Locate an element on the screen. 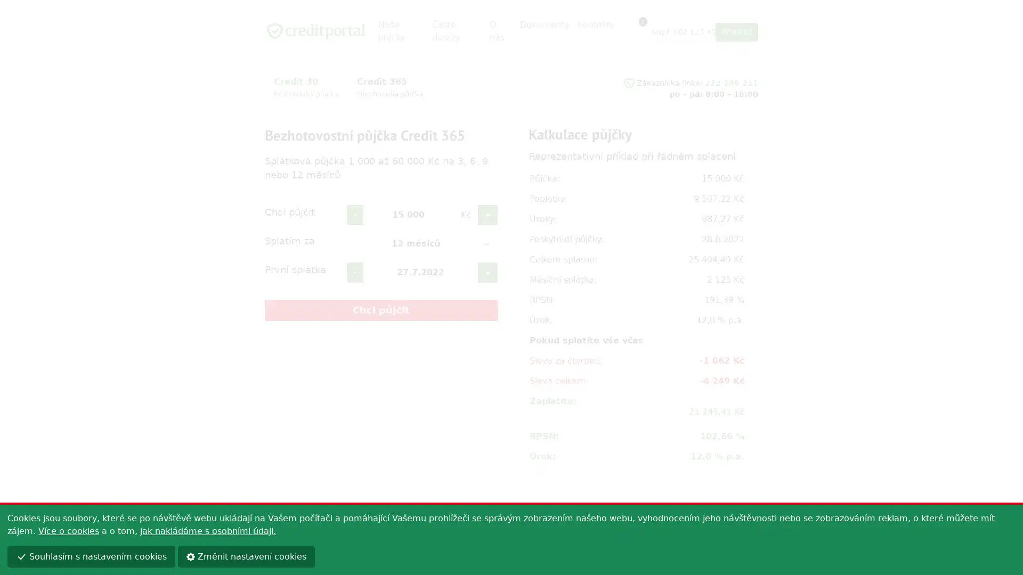 This screenshot has height=575, width=1023. - is located at coordinates (354, 271).